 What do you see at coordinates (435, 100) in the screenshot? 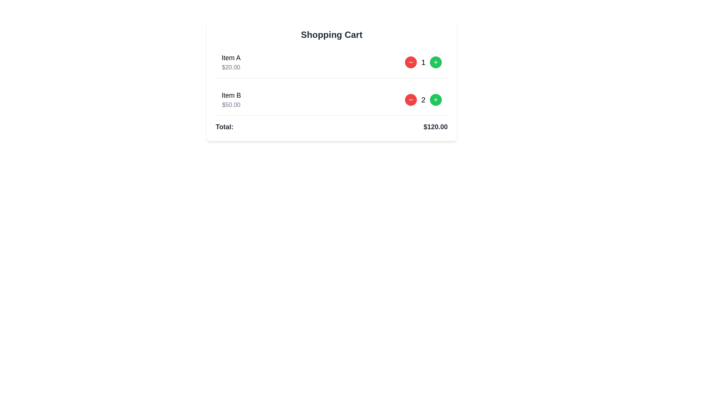
I see `the button located to the right of the number 2 associated with 'Item B' in the shopping cart layout to increase the quantity` at bounding box center [435, 100].